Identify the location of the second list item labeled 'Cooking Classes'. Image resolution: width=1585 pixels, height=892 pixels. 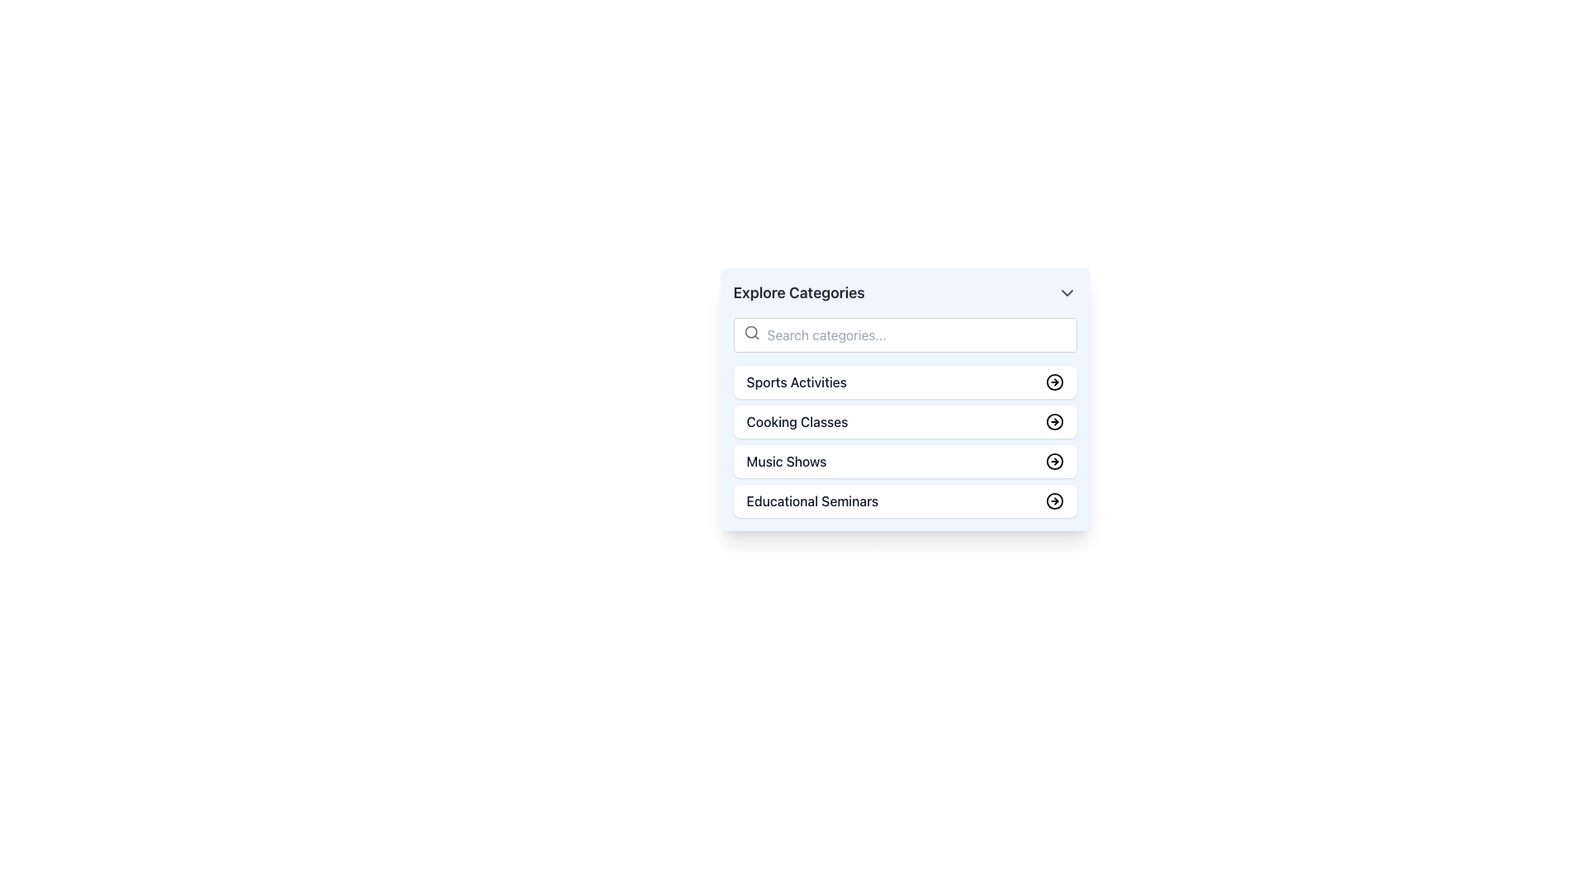
(904, 441).